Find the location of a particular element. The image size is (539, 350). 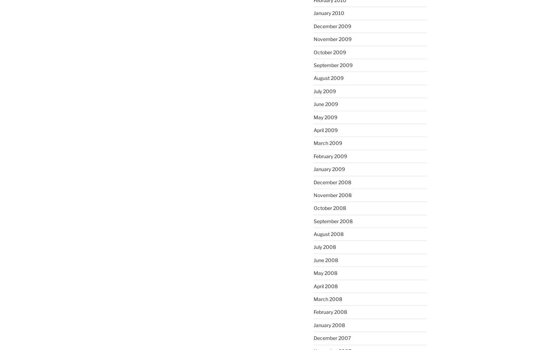

'July 2008' is located at coordinates (324, 246).